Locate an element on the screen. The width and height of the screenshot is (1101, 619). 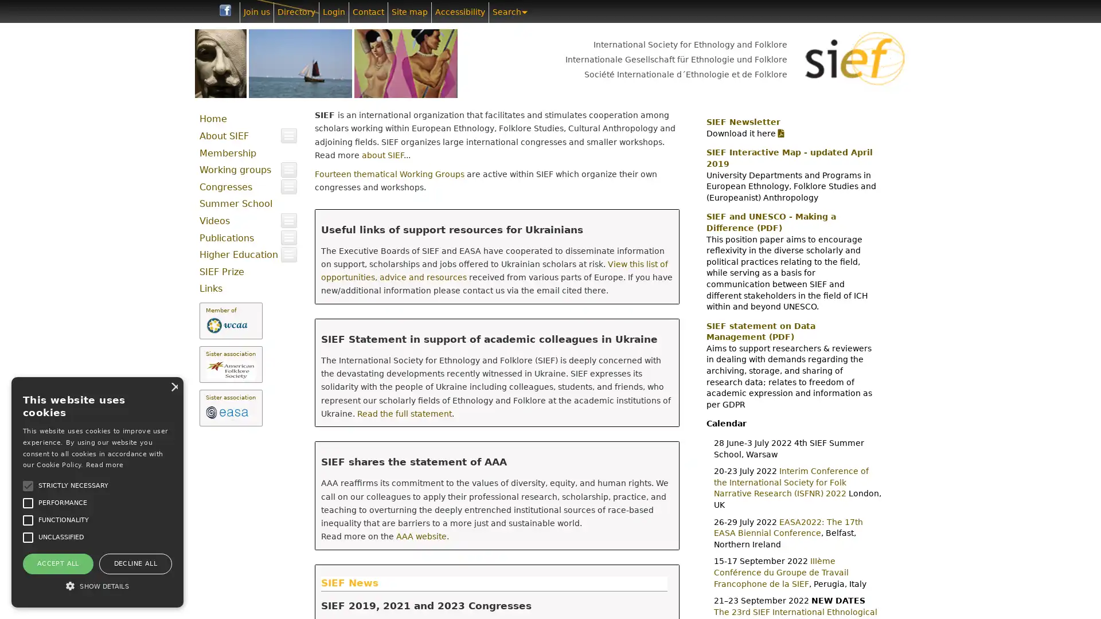
SHOW DETAILS is located at coordinates (97, 586).